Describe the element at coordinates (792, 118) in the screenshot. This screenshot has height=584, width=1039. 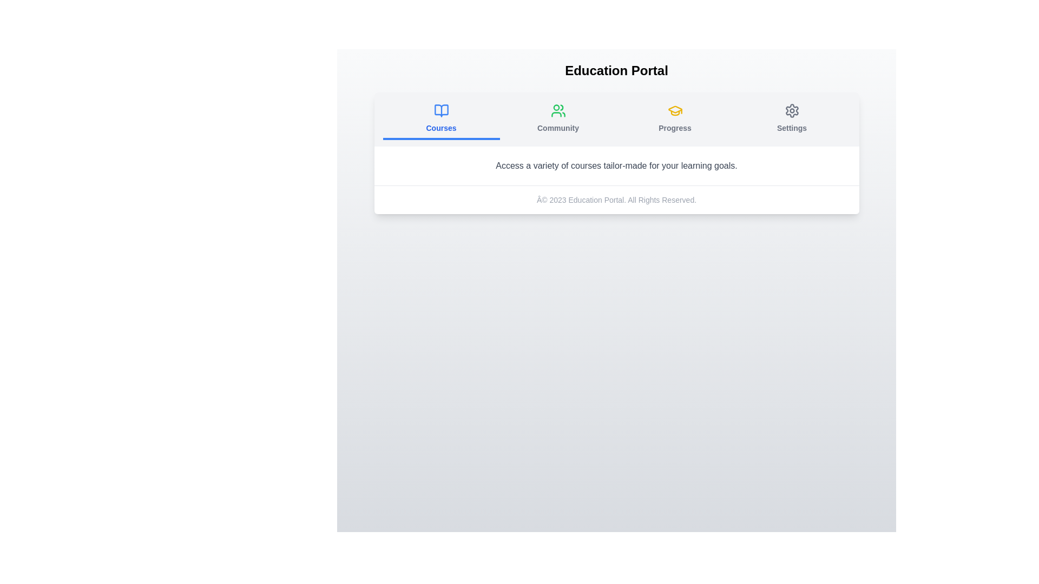
I see `the Navigation link with an icon and label at the rightmost end of the horizontal navigation bar` at that location.